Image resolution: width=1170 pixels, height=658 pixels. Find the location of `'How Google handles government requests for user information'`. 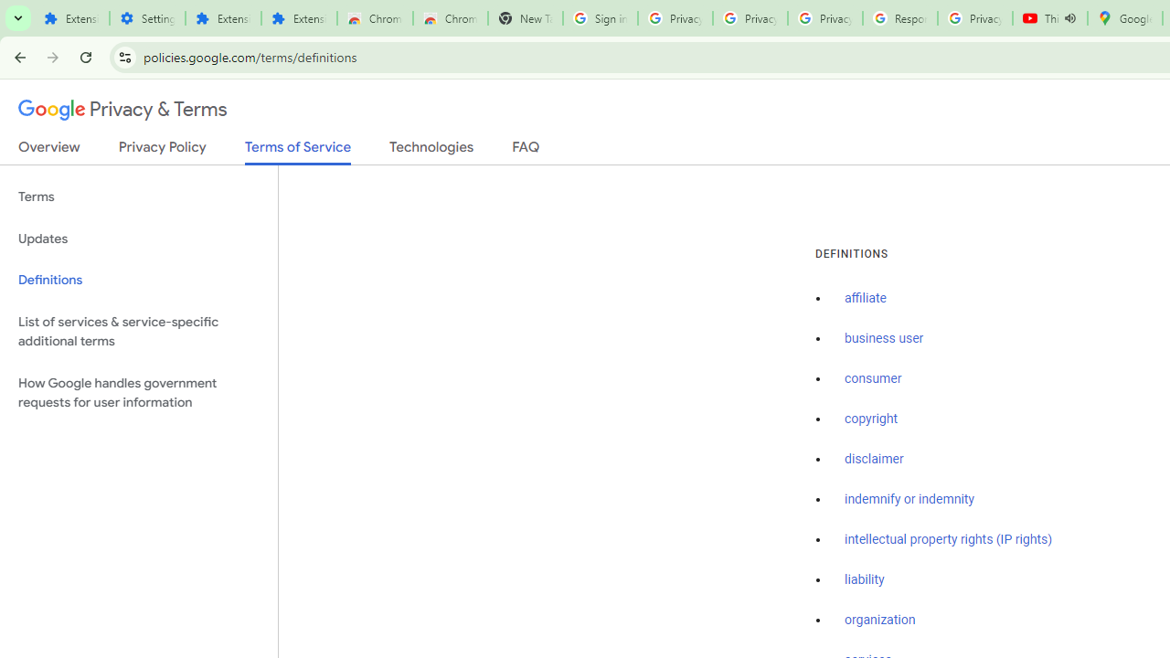

'How Google handles government requests for user information' is located at coordinates (138, 391).